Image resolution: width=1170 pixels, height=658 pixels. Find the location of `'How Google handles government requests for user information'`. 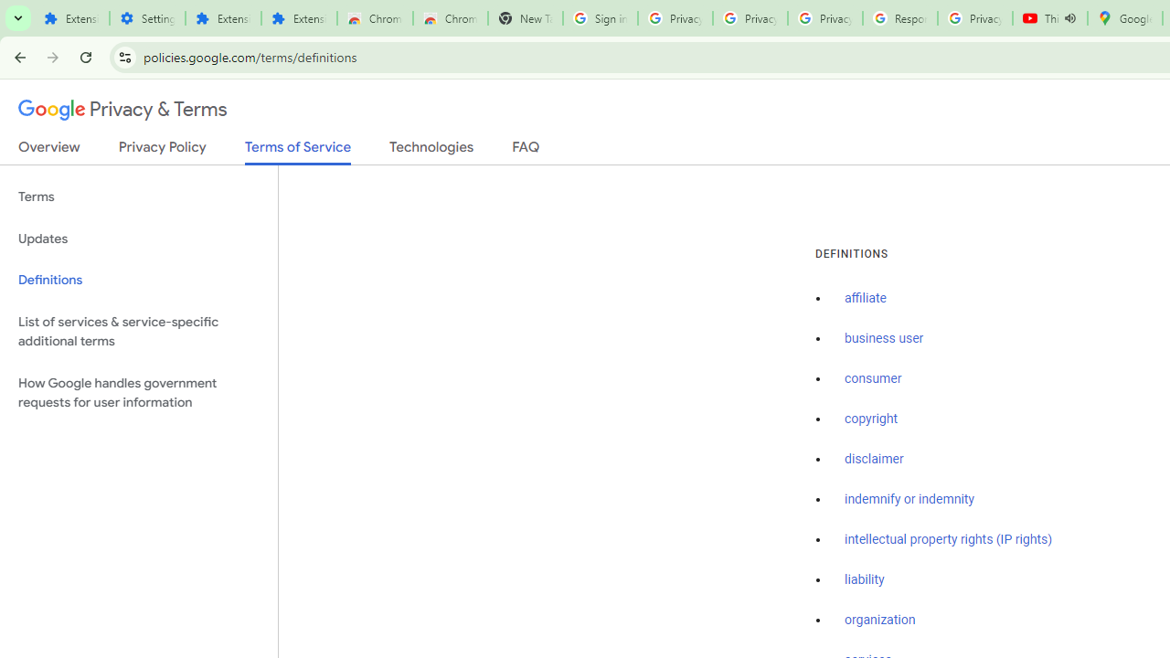

'How Google handles government requests for user information' is located at coordinates (138, 391).